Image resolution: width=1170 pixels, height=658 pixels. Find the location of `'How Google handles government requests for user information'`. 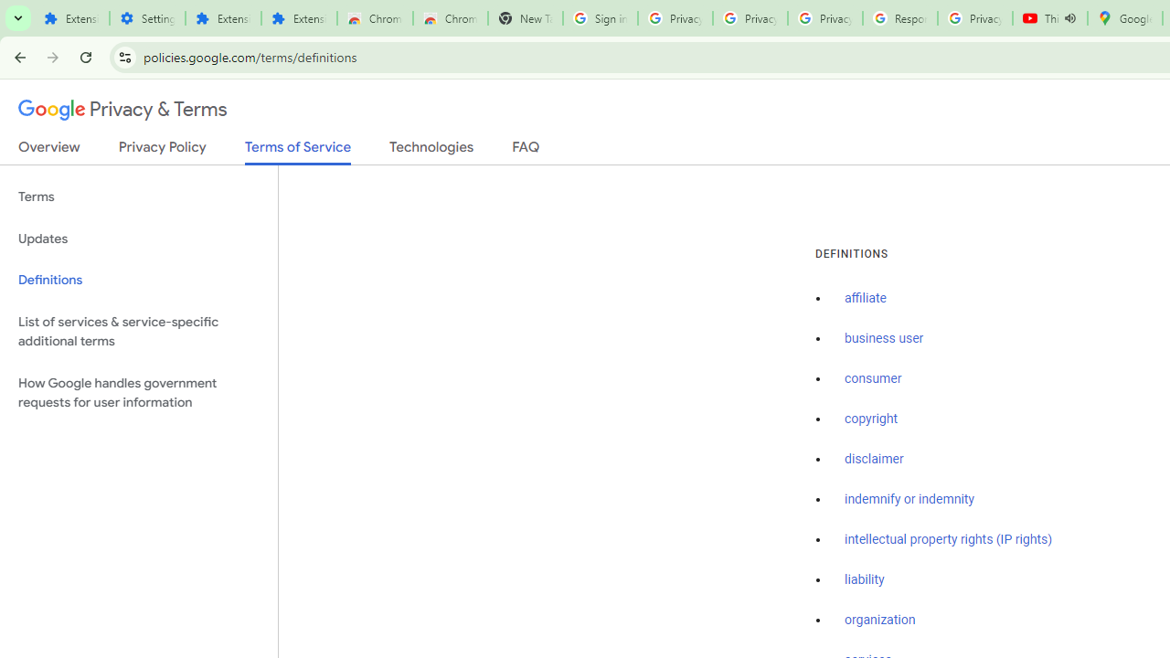

'How Google handles government requests for user information' is located at coordinates (138, 391).